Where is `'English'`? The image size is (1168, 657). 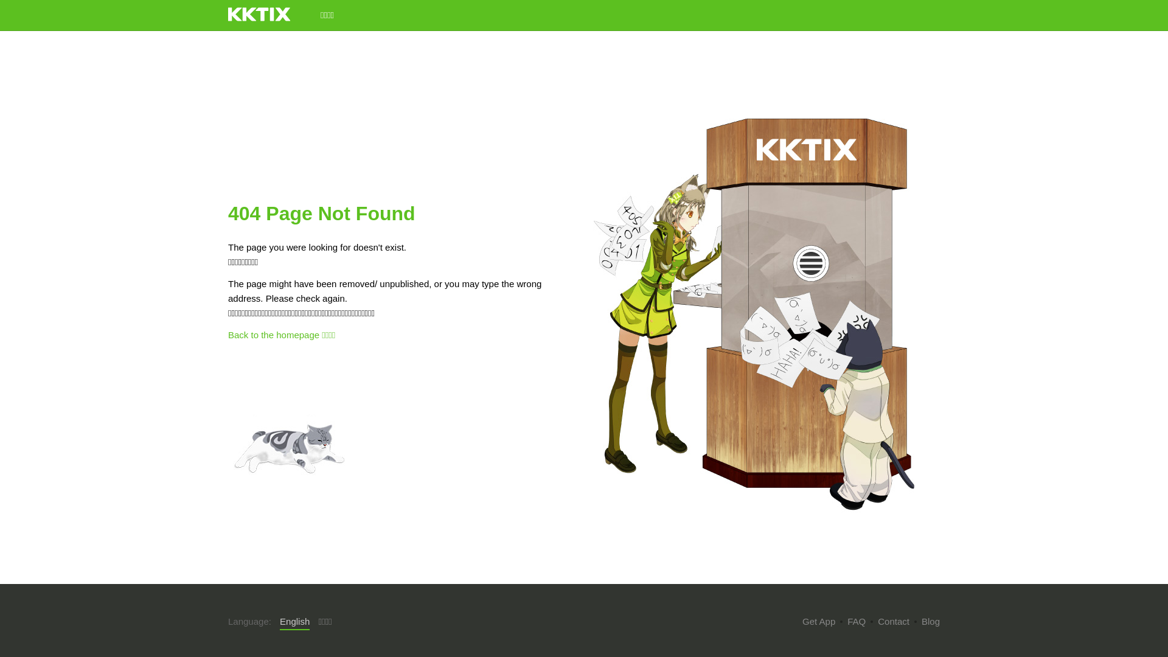
'English' is located at coordinates (294, 622).